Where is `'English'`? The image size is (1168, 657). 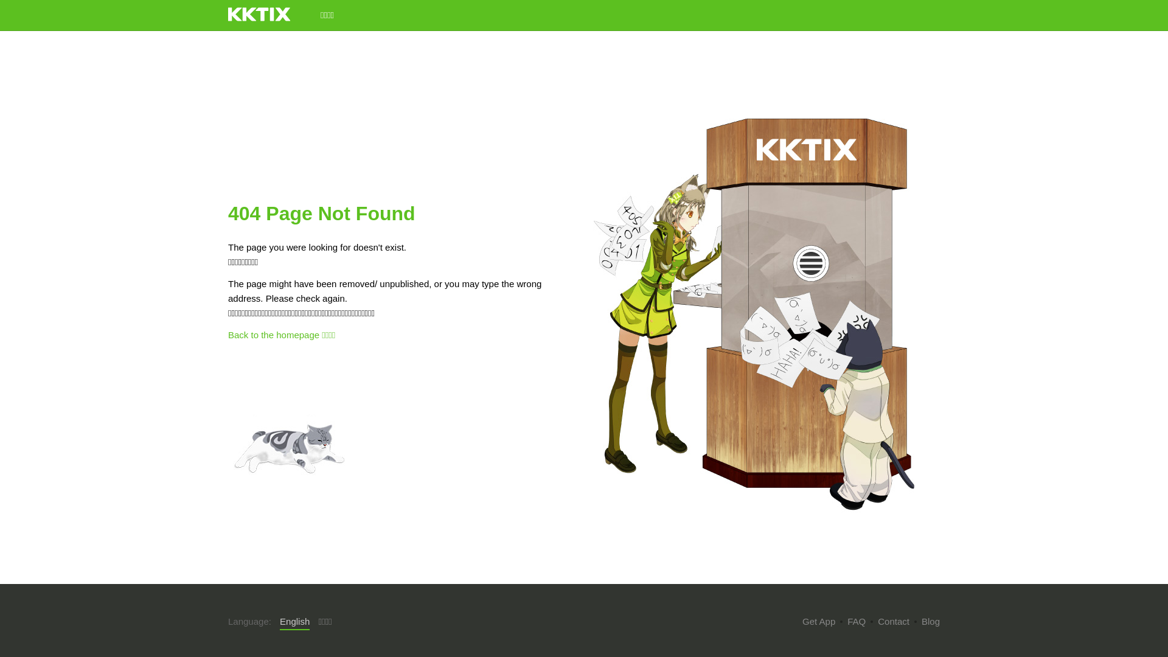
'English' is located at coordinates (294, 622).